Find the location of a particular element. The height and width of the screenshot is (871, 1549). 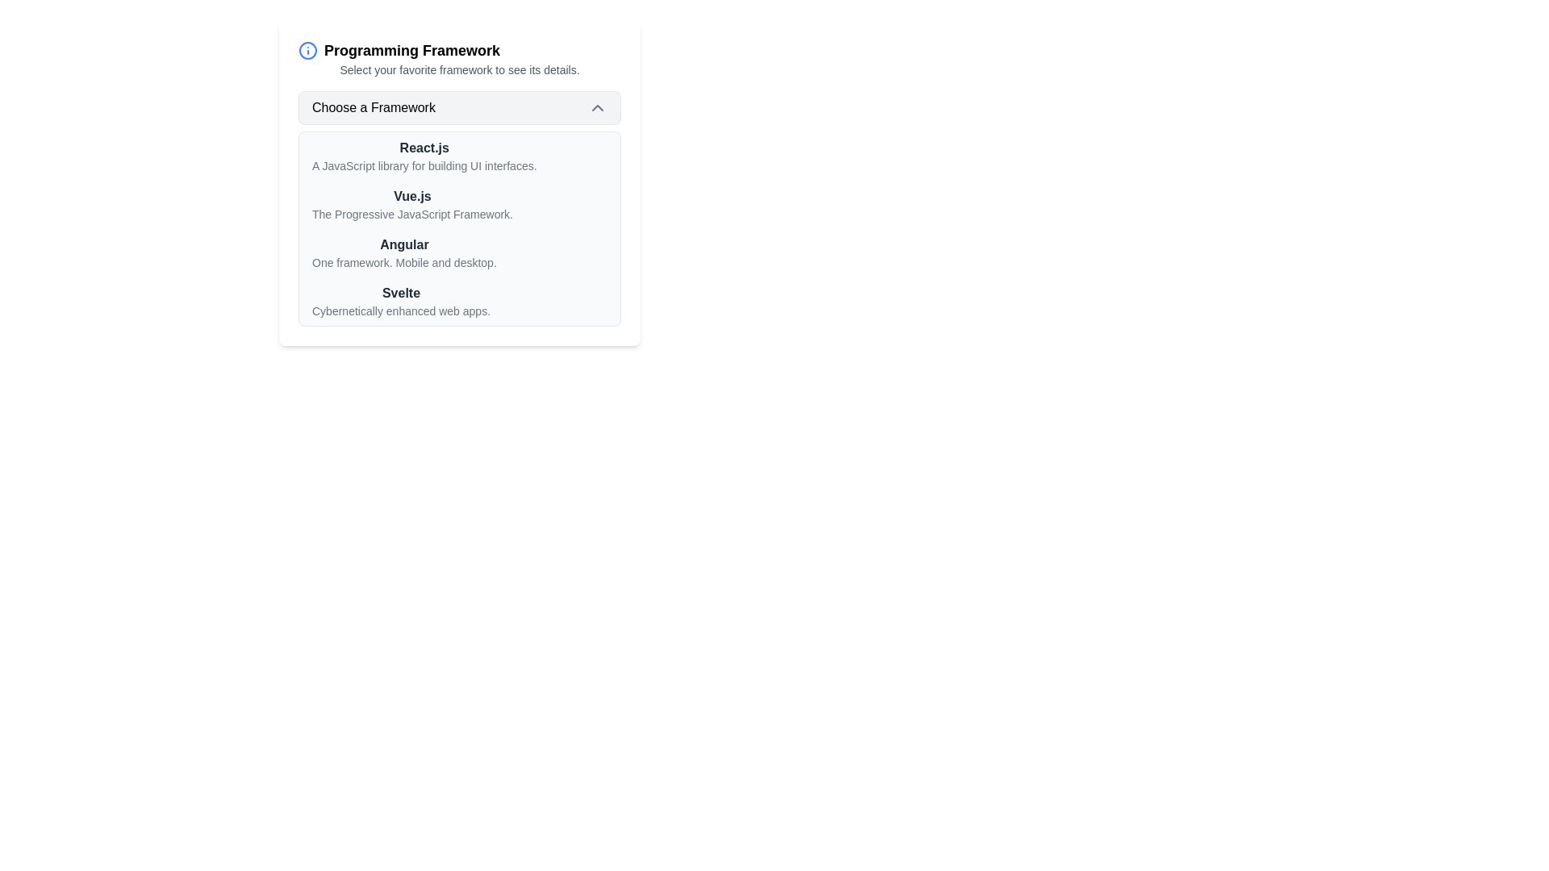

the Informational display element titled 'Angular', which is the third item in the vertical list of programming frameworks is located at coordinates (404, 252).